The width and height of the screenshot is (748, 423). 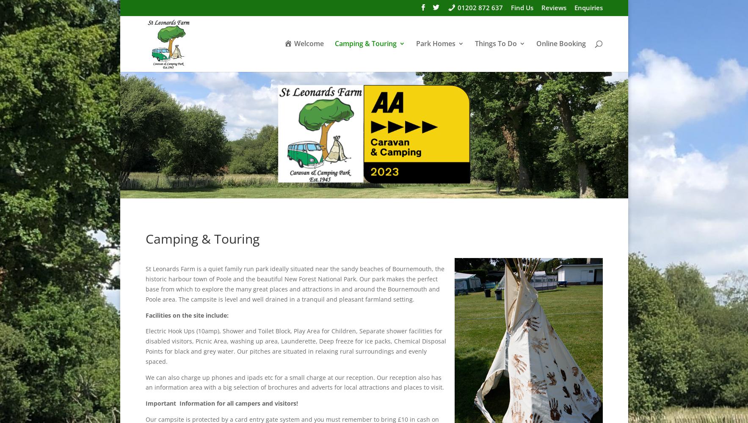 I want to click on 'Park Rules', so click(x=440, y=169).